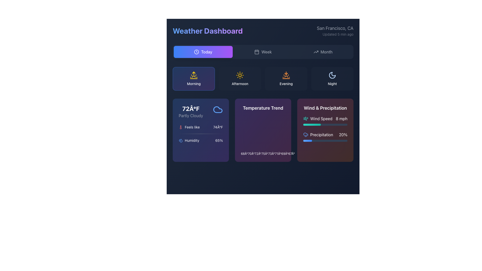 The image size is (482, 271). Describe the element at coordinates (321, 119) in the screenshot. I see `the text label that describes the wind speed data, positioned within the 'Wind & Precipitation' section of the weather dashboard` at that location.